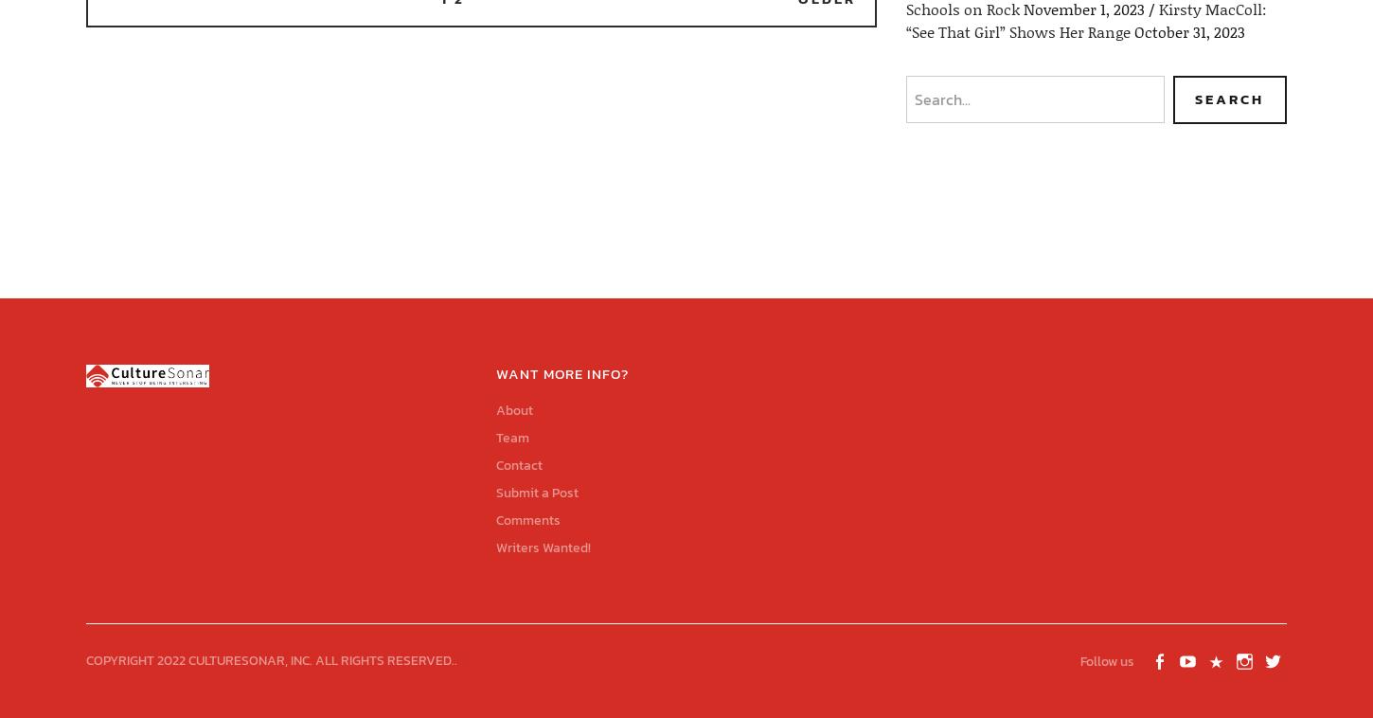 This screenshot has width=1373, height=718. Describe the element at coordinates (562, 371) in the screenshot. I see `'Want more info?'` at that location.